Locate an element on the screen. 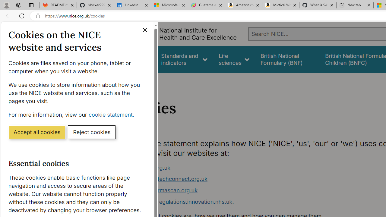 The image size is (386, 217). 'www.ukpharmascan.org.uk' is located at coordinates (162, 190).